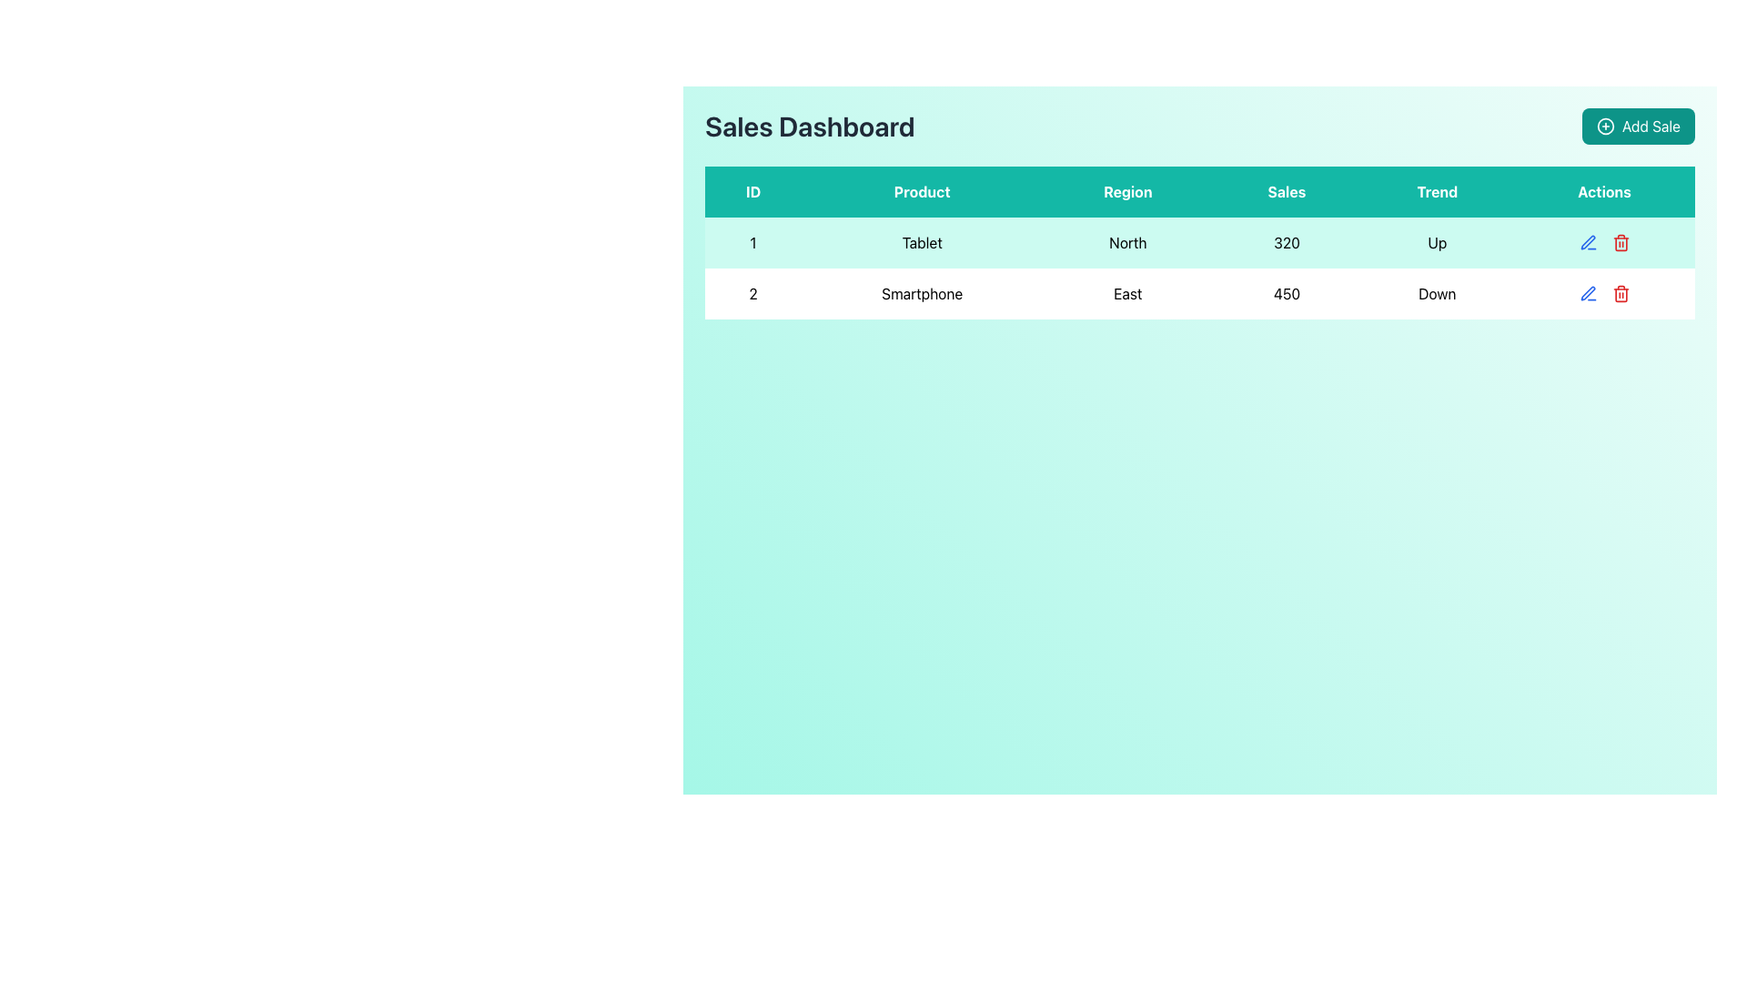 This screenshot has width=1747, height=983. Describe the element at coordinates (1286, 293) in the screenshot. I see `the table cell in the fourth column of the second row under the 'Sales' column header` at that location.